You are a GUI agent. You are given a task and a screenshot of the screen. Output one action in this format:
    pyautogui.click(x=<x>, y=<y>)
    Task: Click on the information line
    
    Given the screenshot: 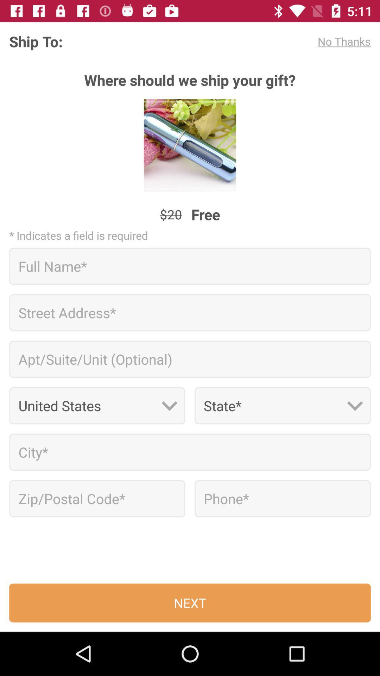 What is the action you would take?
    pyautogui.click(x=190, y=312)
    